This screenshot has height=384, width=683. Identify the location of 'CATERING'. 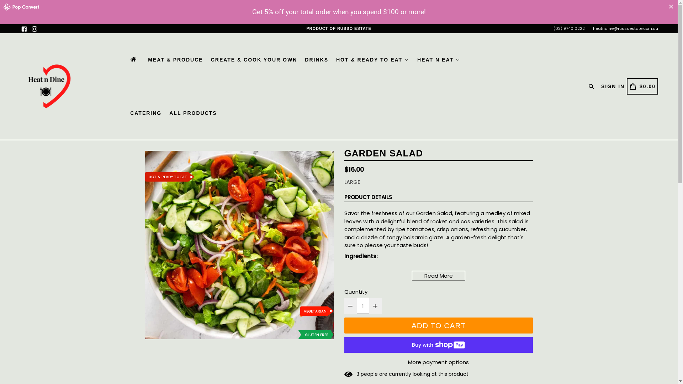
(145, 112).